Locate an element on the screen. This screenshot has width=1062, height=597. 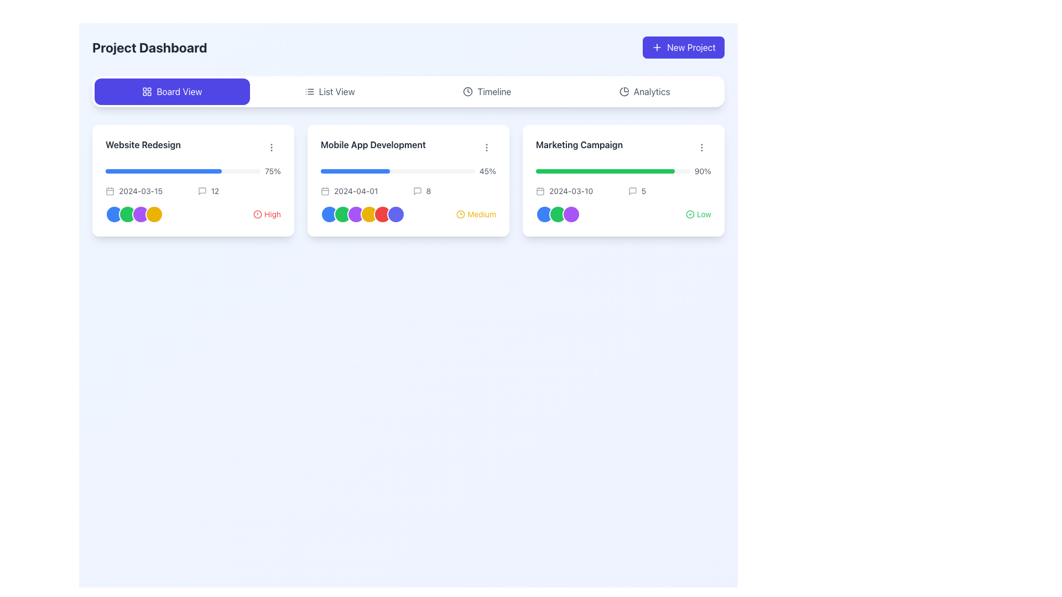
the sixth circular visual indicator located at the bottom of the 'Mobile App Development' card, which serves as a visual indicator for category or status is located at coordinates (395, 214).